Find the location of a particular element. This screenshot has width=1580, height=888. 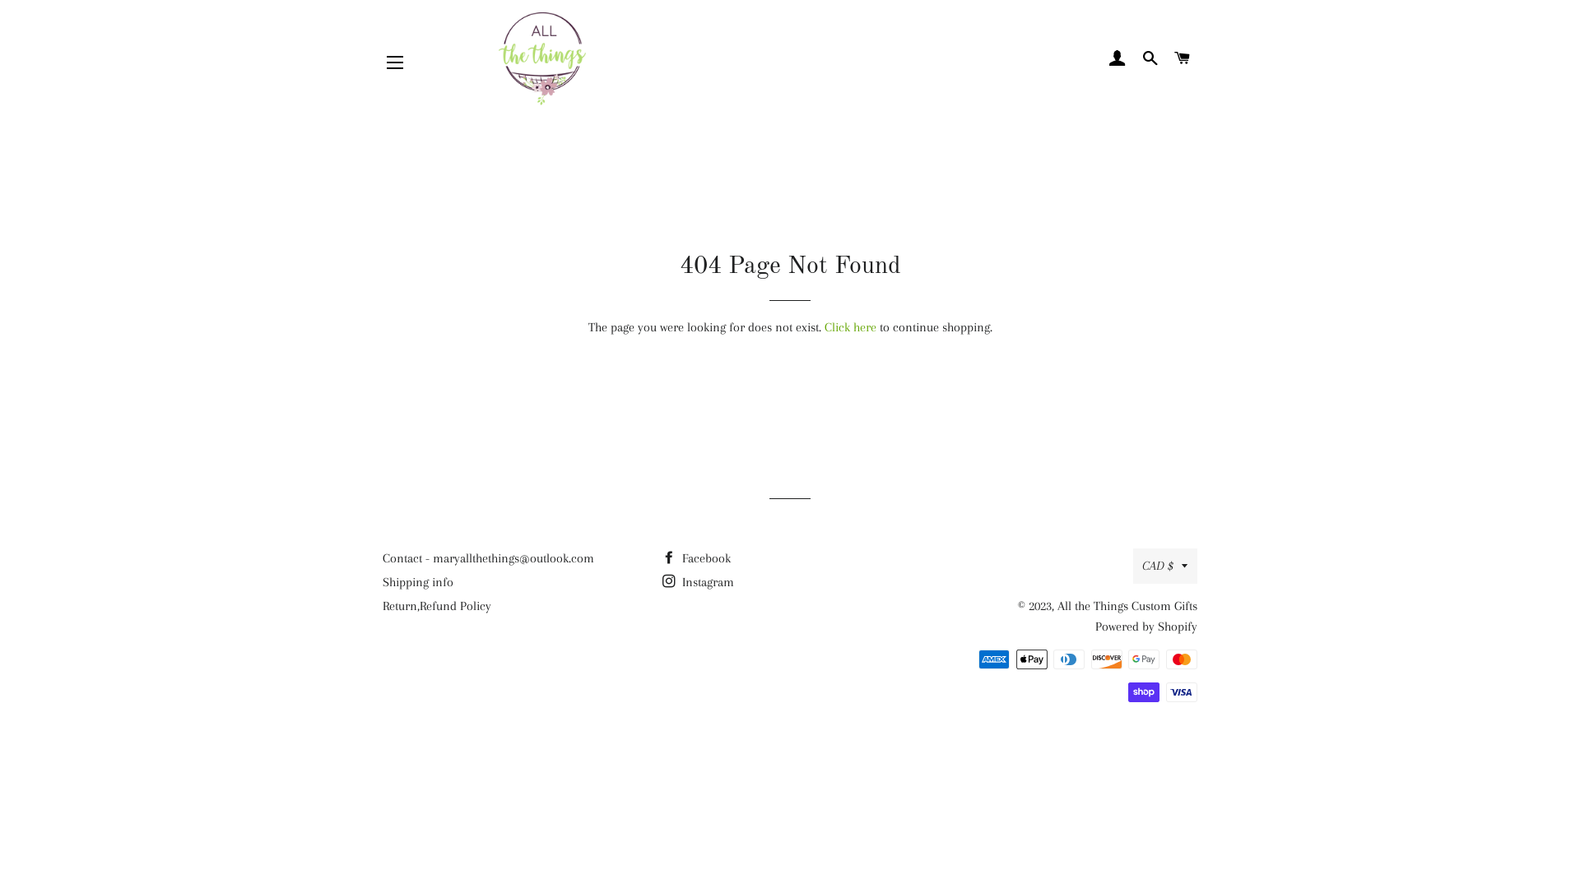

'Powered by Shopify' is located at coordinates (1094, 627).